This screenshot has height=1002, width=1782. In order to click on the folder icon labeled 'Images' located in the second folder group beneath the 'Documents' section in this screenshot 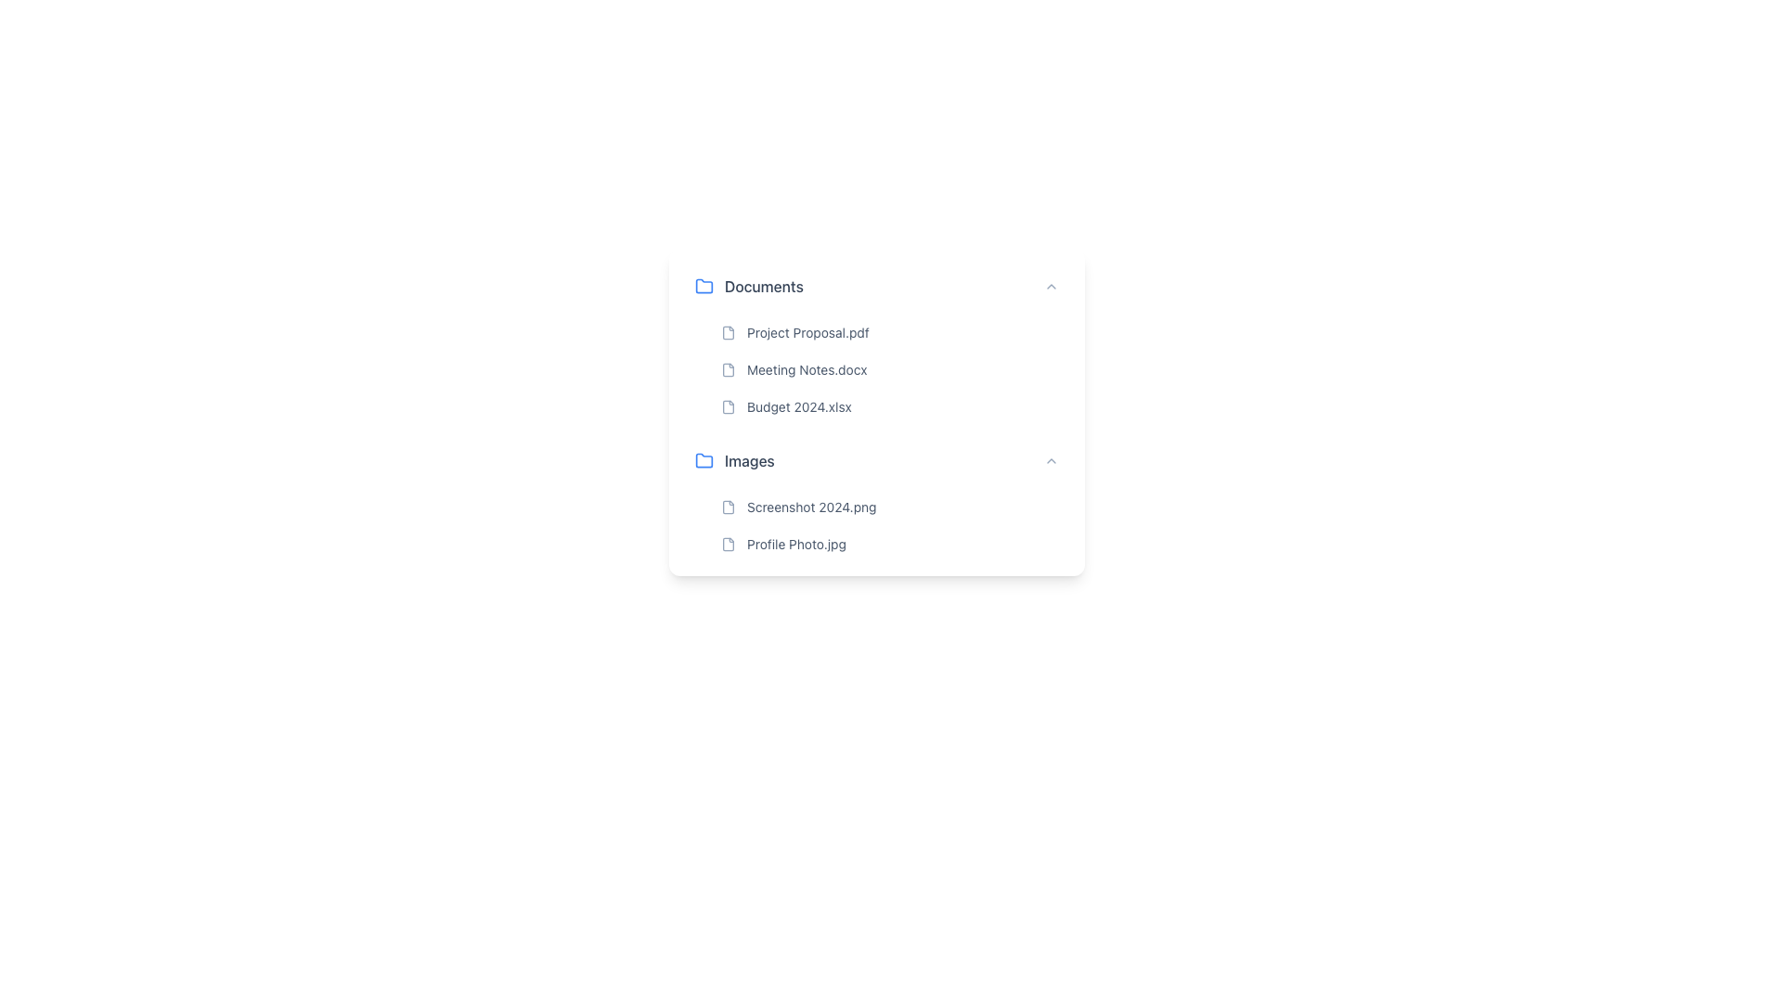, I will do `click(703, 459)`.